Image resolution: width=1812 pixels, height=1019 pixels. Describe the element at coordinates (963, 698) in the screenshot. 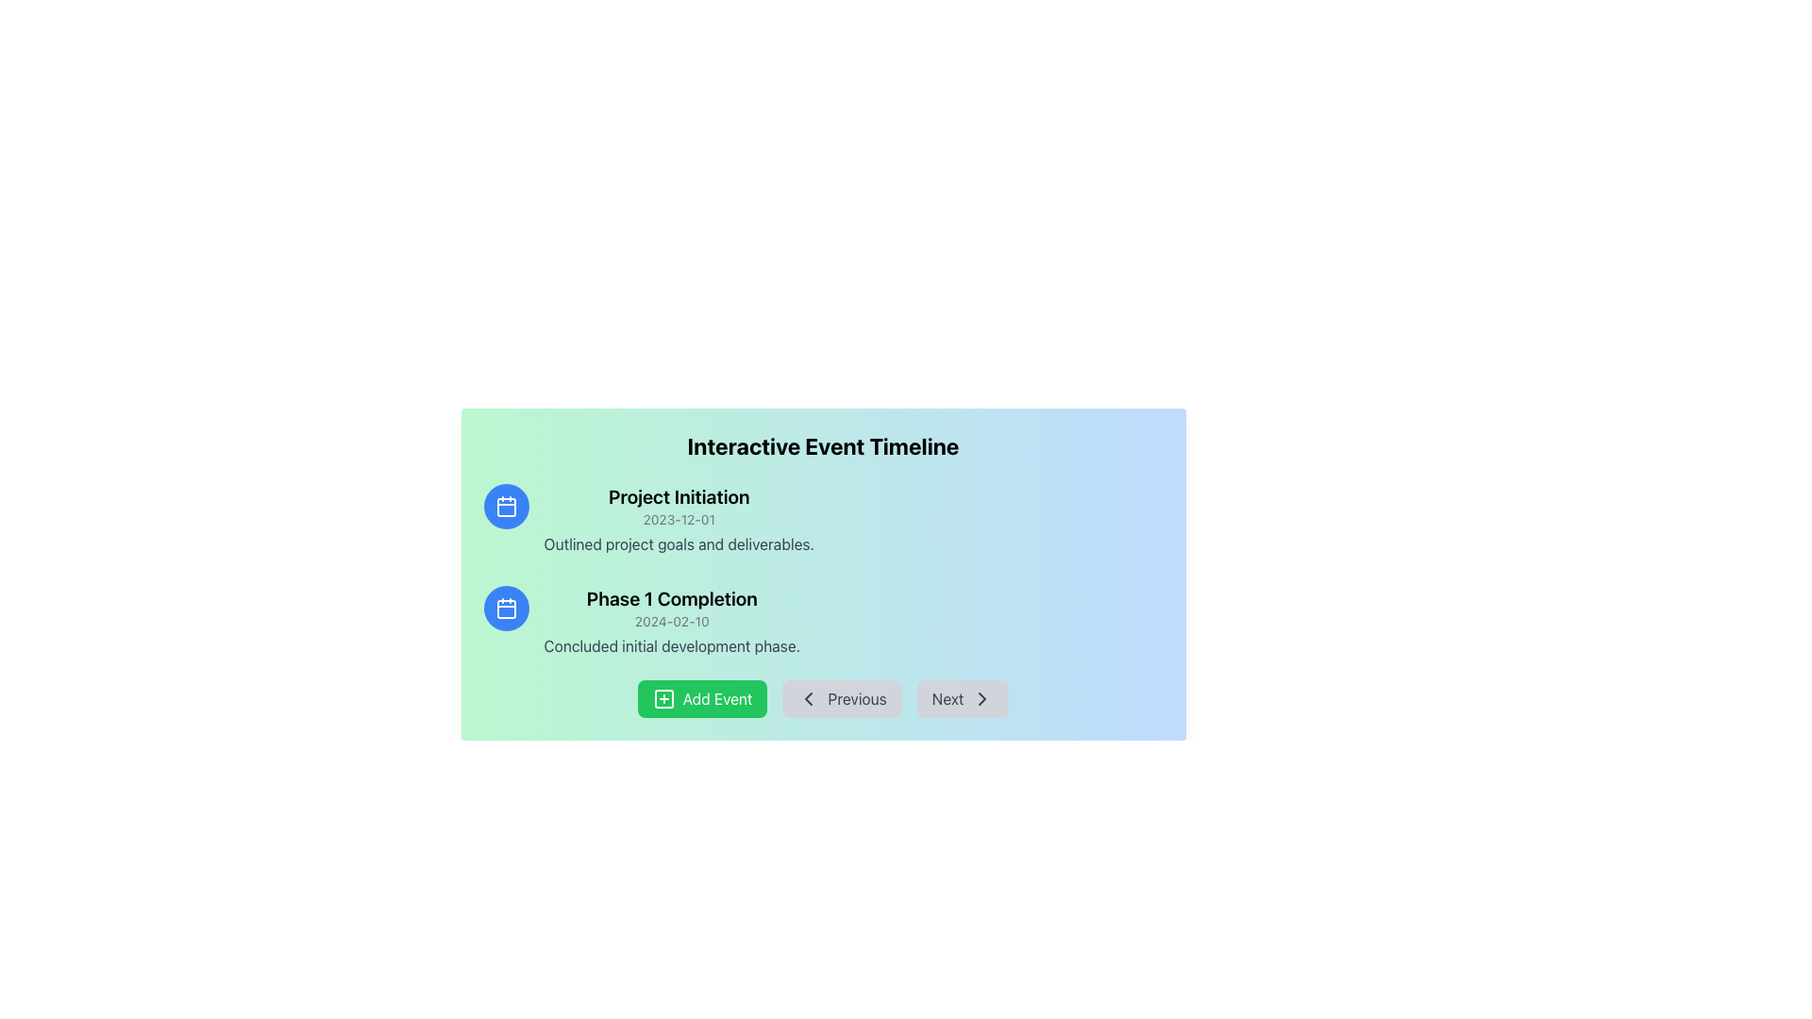

I see `the 'Next' button, which is a rounded rectangle in light gray with a right-facing arrow icon, located at the bottom-right corner of the interface` at that location.